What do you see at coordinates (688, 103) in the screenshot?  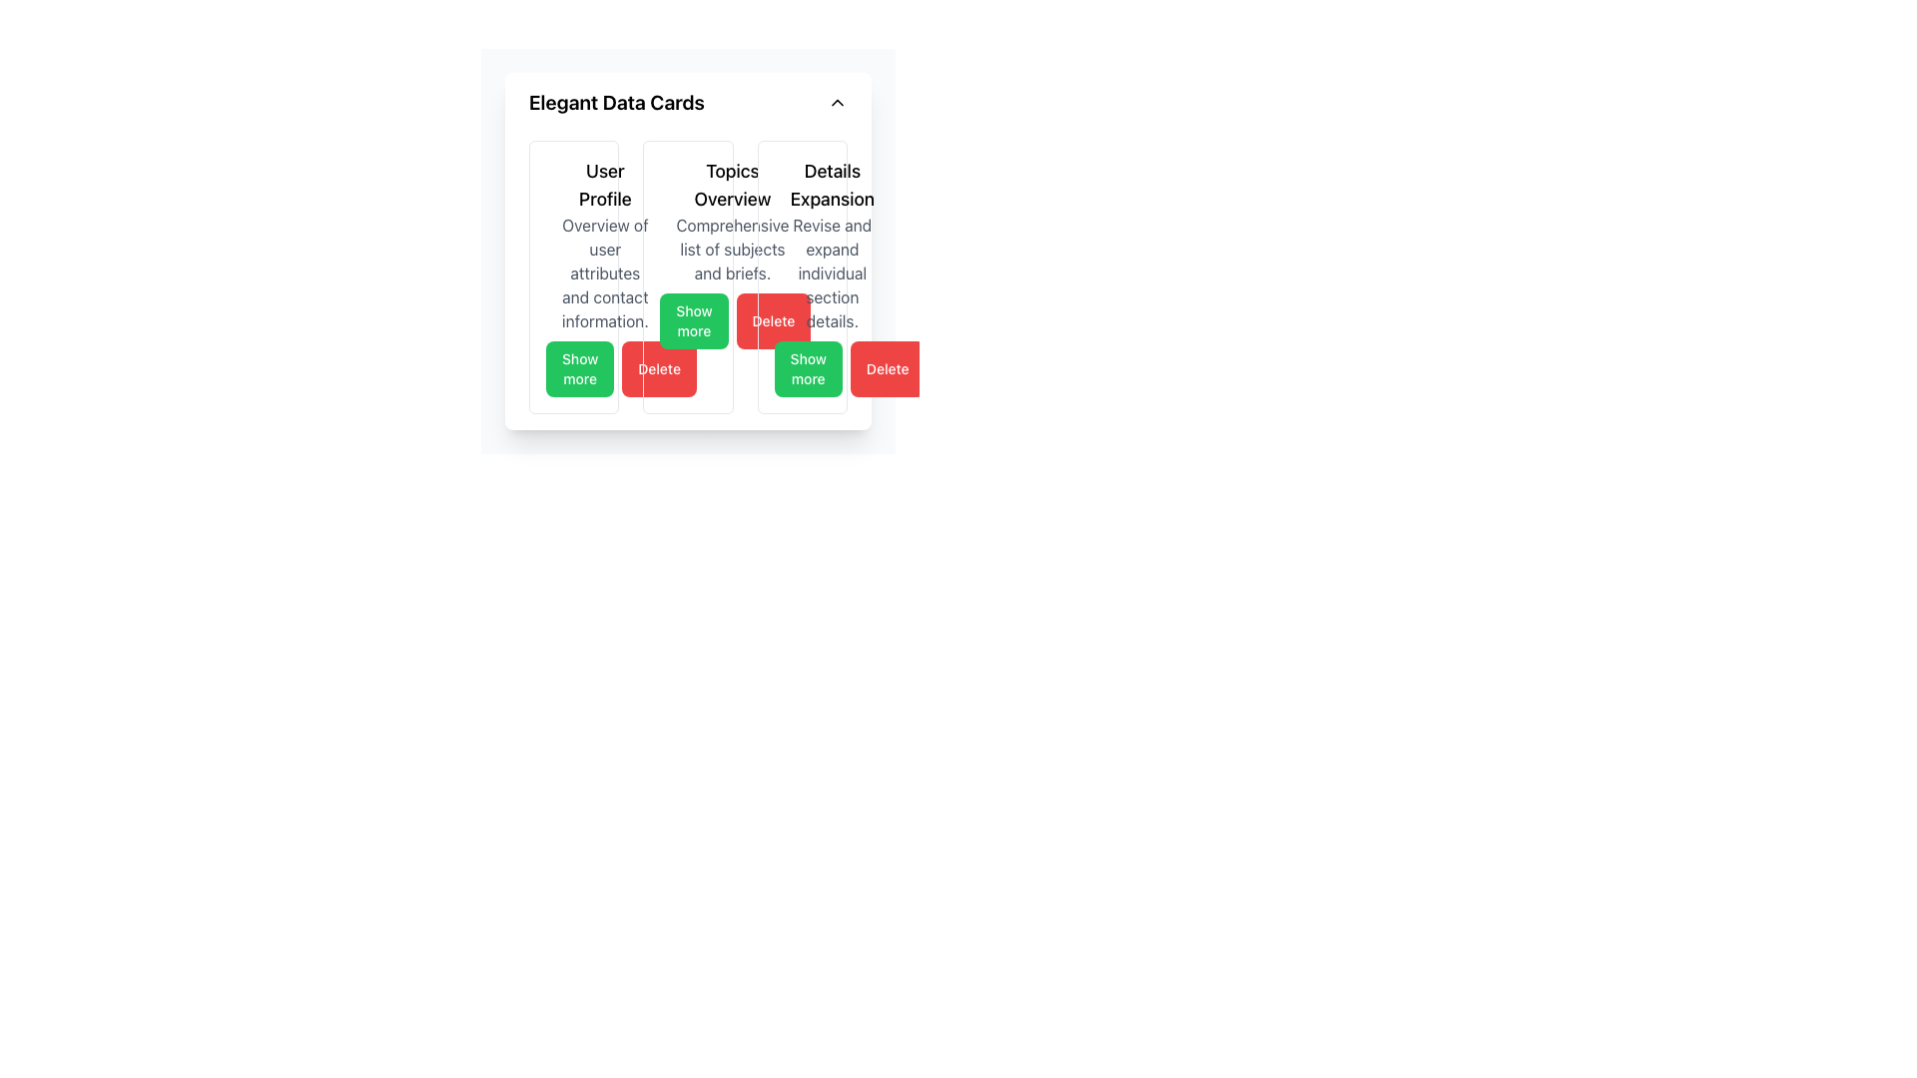 I see `the Collapsible Header Bar labeled 'Elegant Data Cards'` at bounding box center [688, 103].